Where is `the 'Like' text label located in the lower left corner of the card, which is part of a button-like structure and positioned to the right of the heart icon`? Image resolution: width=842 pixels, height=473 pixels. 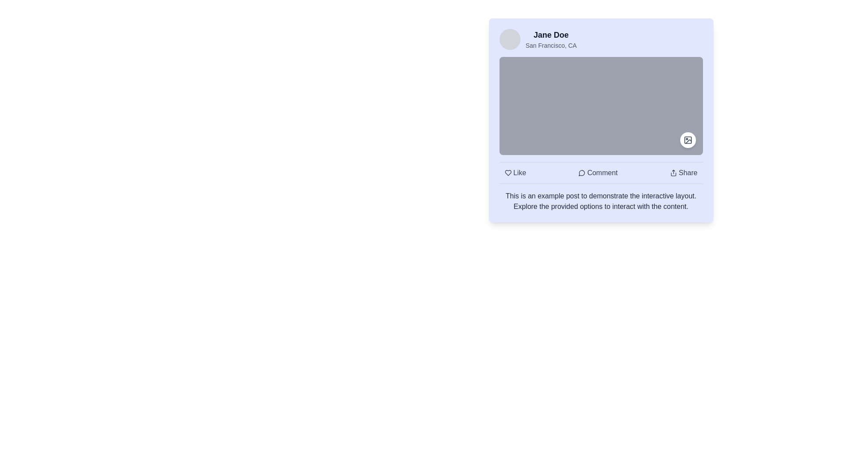 the 'Like' text label located in the lower left corner of the card, which is part of a button-like structure and positioned to the right of the heart icon is located at coordinates (520, 173).